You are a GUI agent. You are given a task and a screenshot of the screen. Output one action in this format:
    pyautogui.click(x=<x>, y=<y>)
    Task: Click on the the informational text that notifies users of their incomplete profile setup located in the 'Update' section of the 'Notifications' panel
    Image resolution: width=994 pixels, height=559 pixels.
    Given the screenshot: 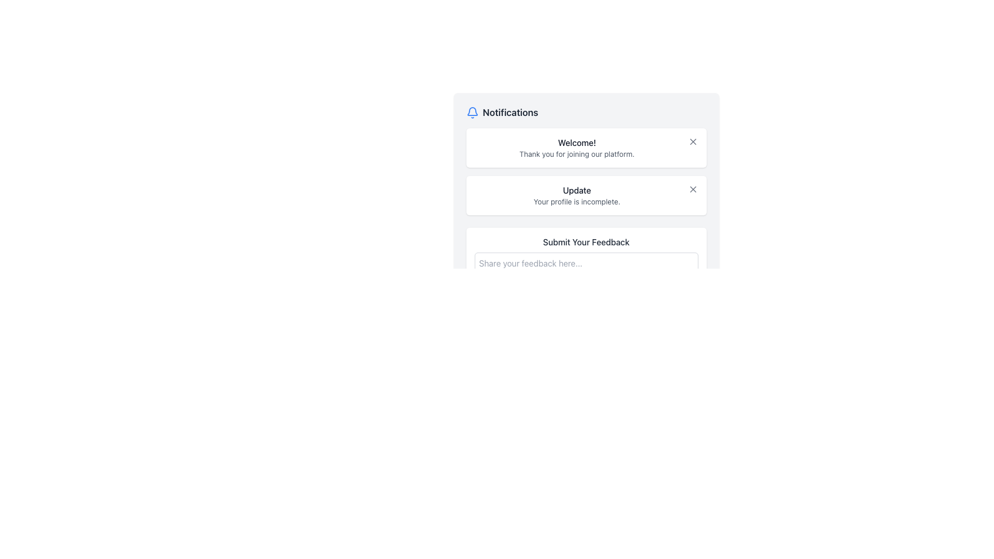 What is the action you would take?
    pyautogui.click(x=576, y=201)
    